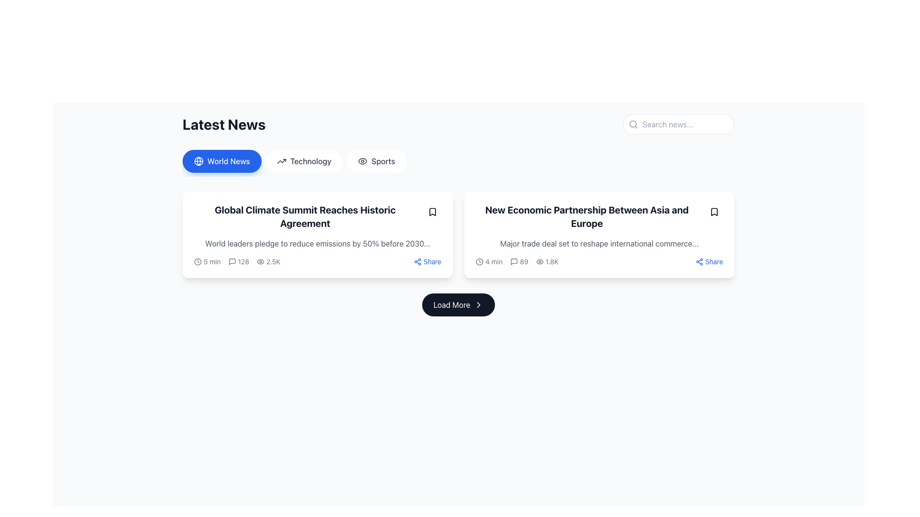 This screenshot has height=517, width=920. I want to click on the clock icon located in the bottom-left corner of the card displaying 'New Economic Partnership Between Asia and Europe', which is styled with a thin outline and positioned adjacent to the text '4 min', so click(480, 262).